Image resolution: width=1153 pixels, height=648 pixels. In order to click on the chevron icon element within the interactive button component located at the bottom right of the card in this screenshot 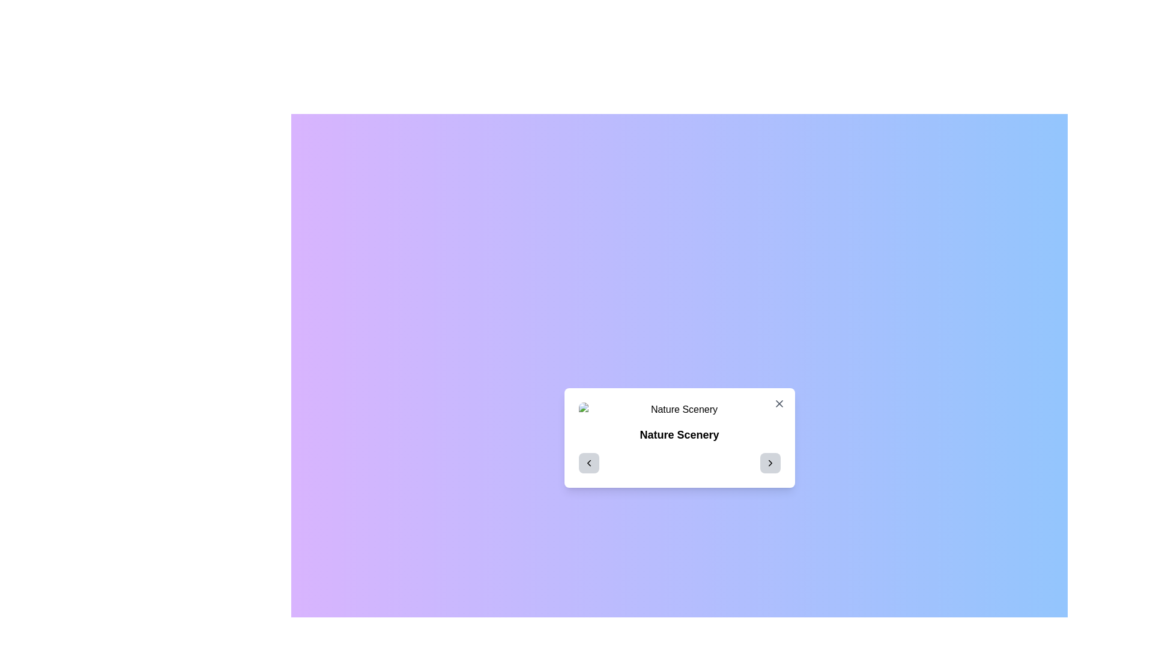, I will do `click(770, 462)`.